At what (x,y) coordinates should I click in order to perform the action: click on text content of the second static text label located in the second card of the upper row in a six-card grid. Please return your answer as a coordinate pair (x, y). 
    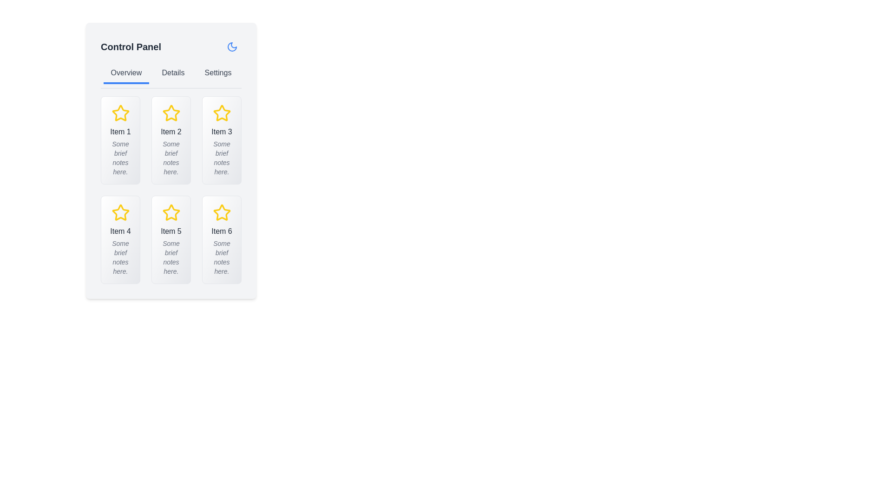
    Looking at the image, I should click on (171, 132).